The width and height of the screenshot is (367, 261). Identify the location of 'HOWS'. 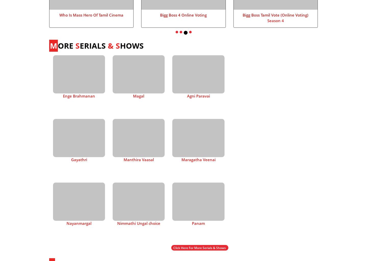
(120, 45).